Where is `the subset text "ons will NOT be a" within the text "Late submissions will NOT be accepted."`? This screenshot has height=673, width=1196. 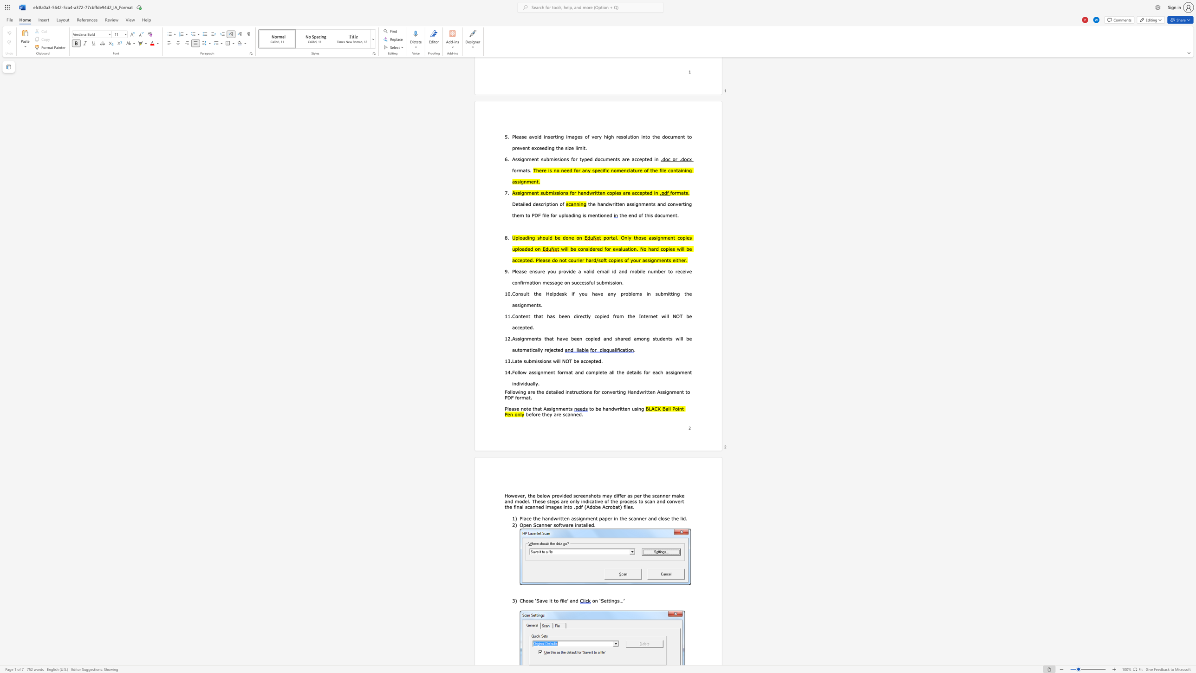 the subset text "ons will NOT be a" within the text "Late submissions will NOT be accepted." is located at coordinates (543, 360).